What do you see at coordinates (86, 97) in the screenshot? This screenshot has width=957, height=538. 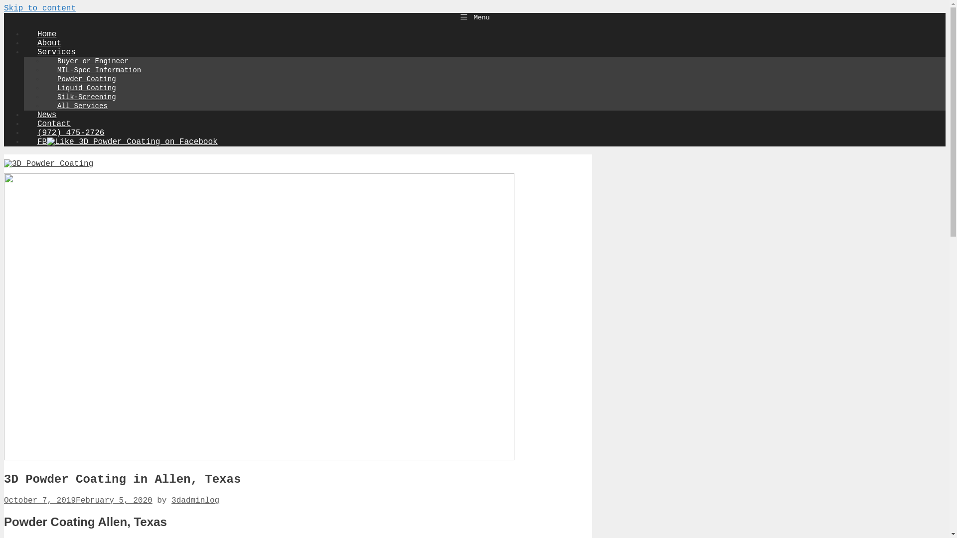 I see `'Silk-Screening'` at bounding box center [86, 97].